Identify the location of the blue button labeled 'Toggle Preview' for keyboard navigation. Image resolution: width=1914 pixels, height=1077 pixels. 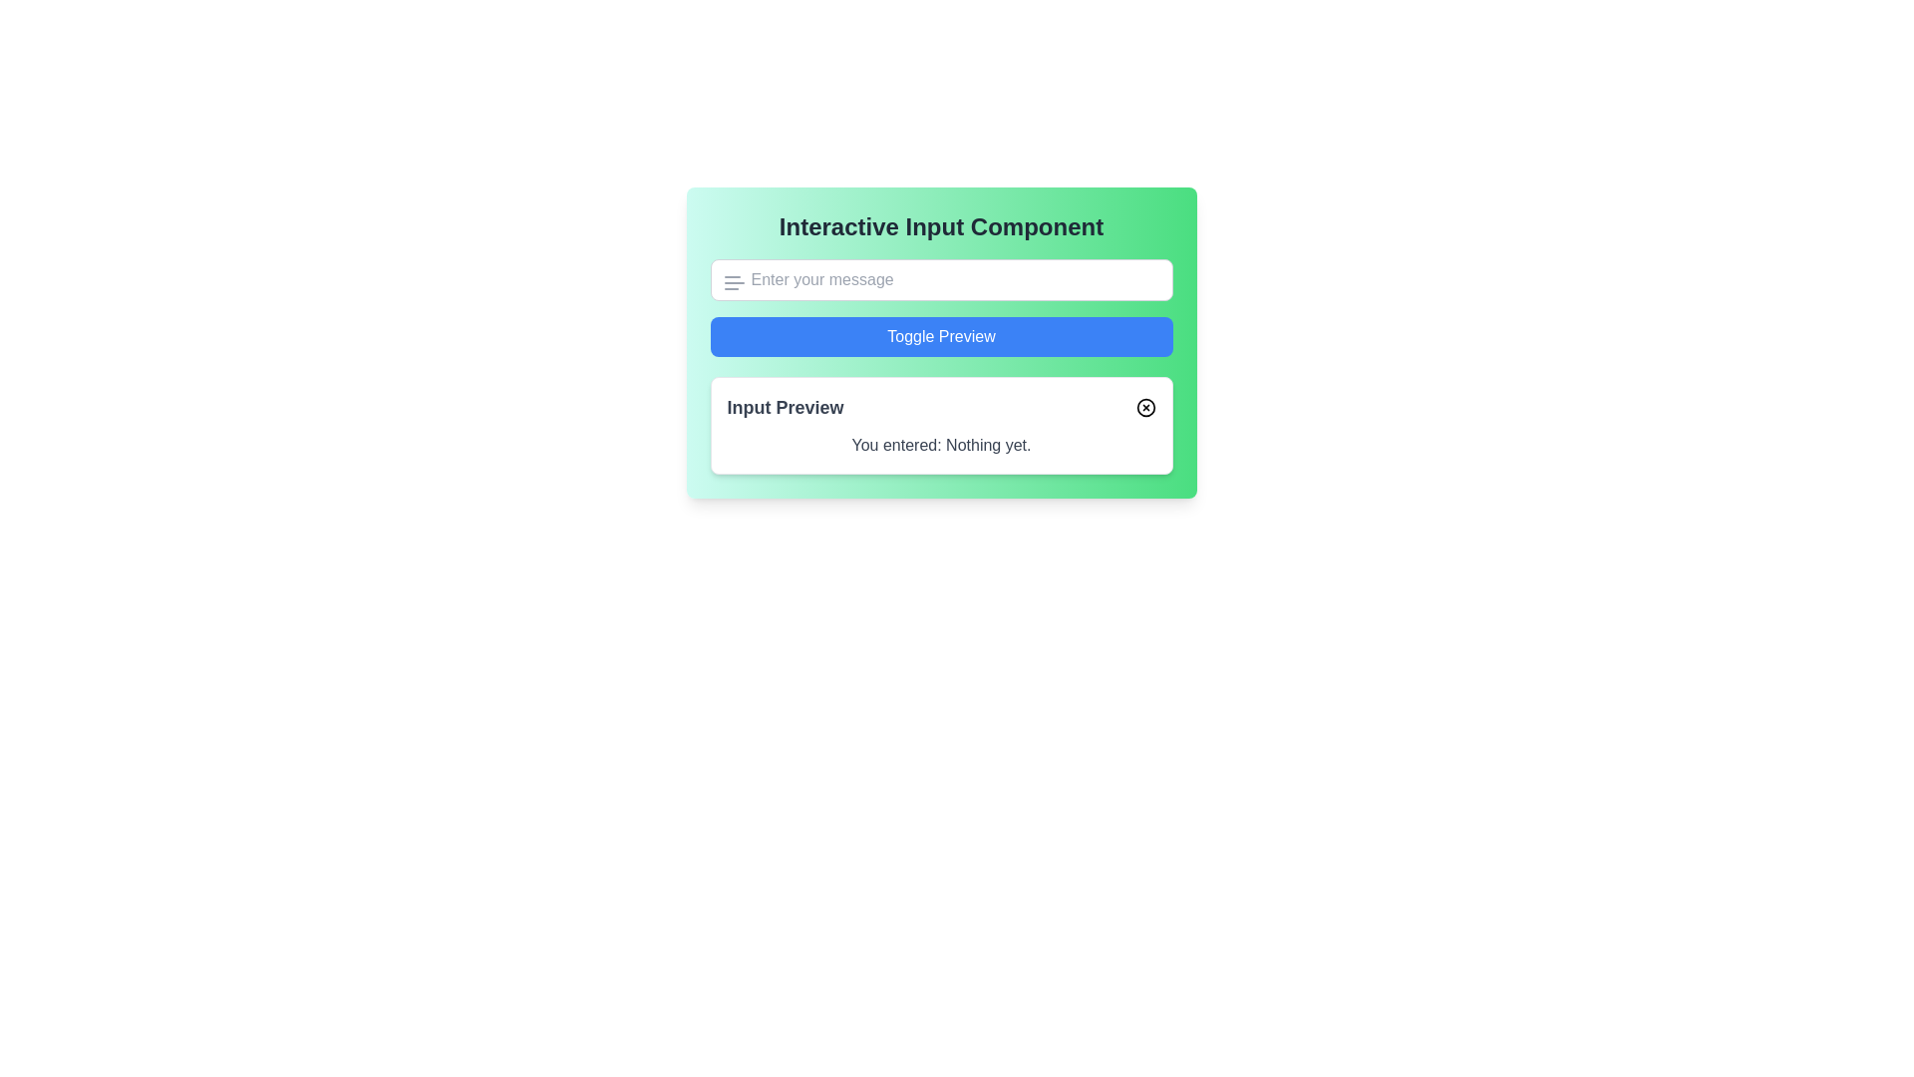
(940, 341).